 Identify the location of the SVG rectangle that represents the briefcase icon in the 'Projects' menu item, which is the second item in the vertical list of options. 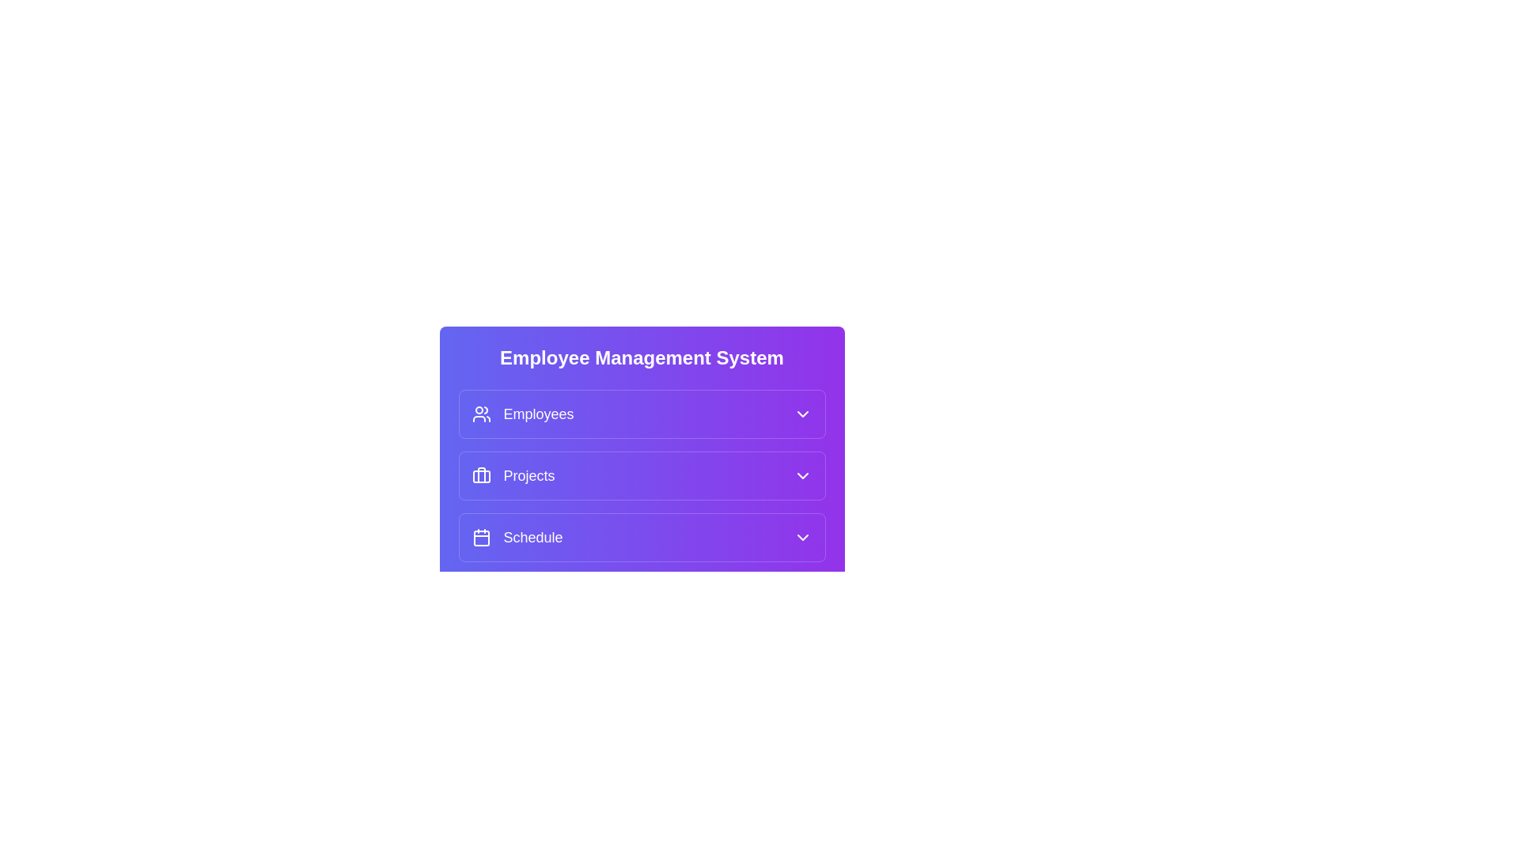
(480, 475).